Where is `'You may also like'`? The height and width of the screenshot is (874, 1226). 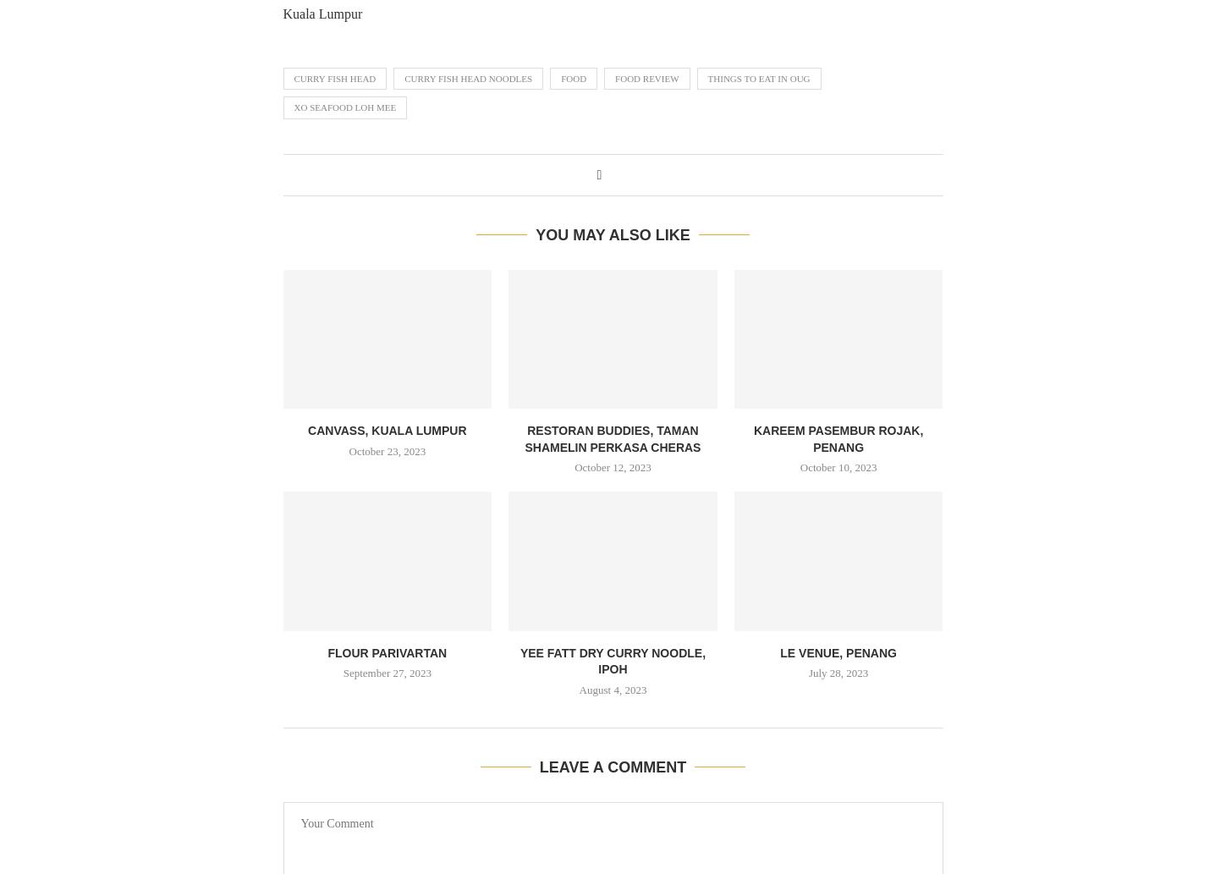
'You may also like' is located at coordinates (613, 234).